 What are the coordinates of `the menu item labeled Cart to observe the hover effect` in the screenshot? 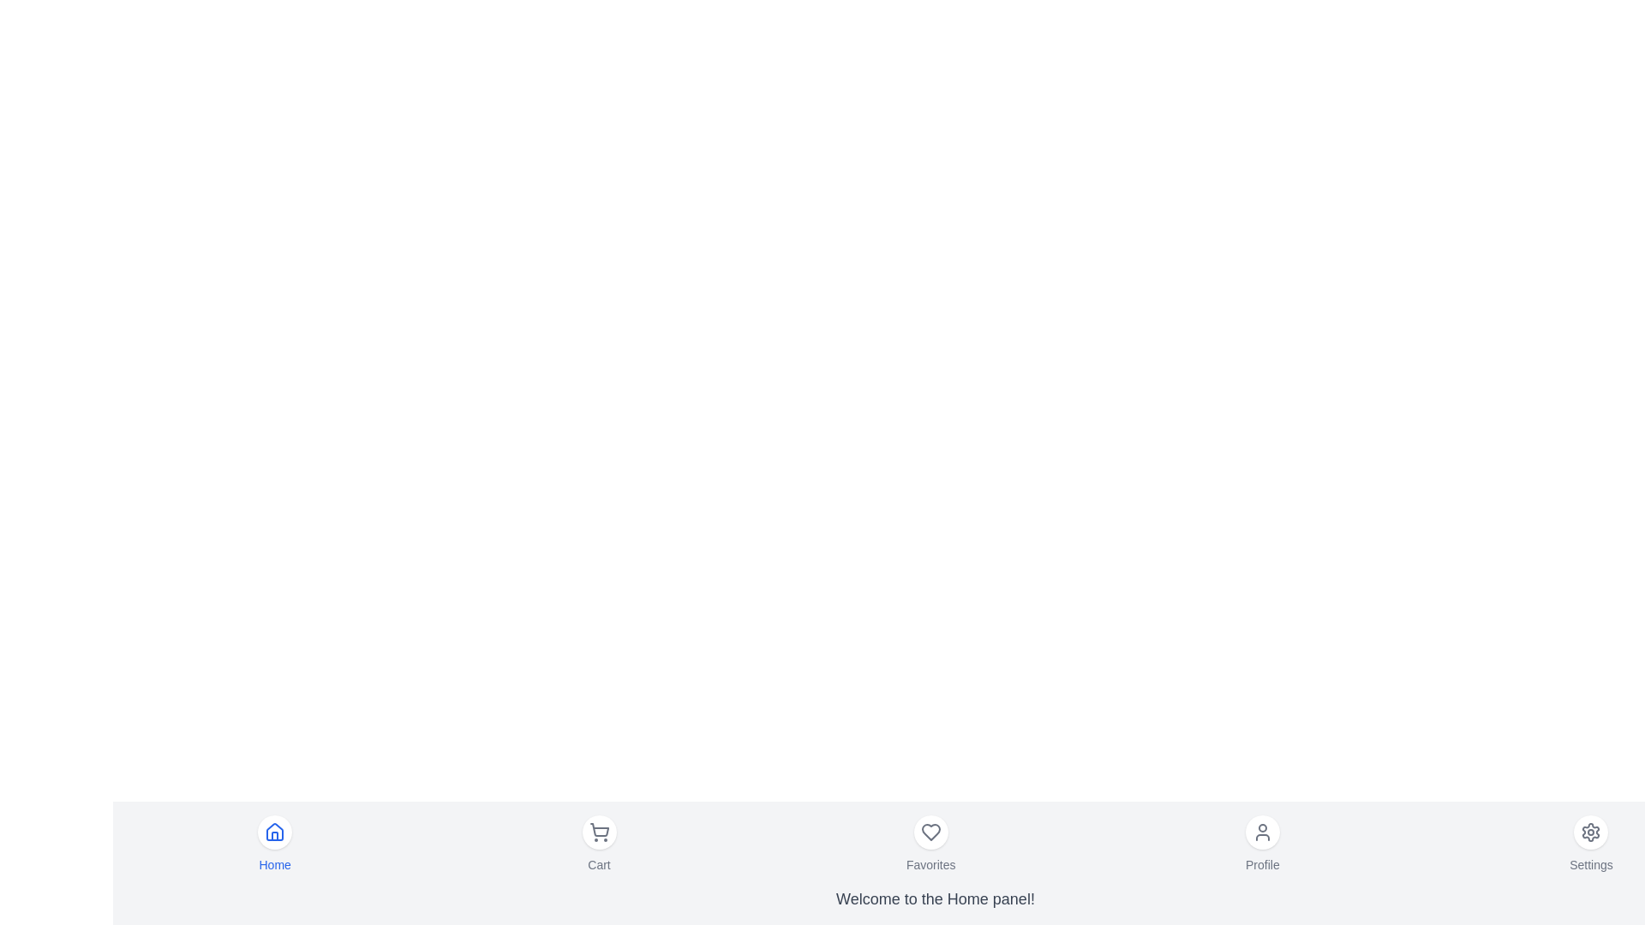 It's located at (600, 844).